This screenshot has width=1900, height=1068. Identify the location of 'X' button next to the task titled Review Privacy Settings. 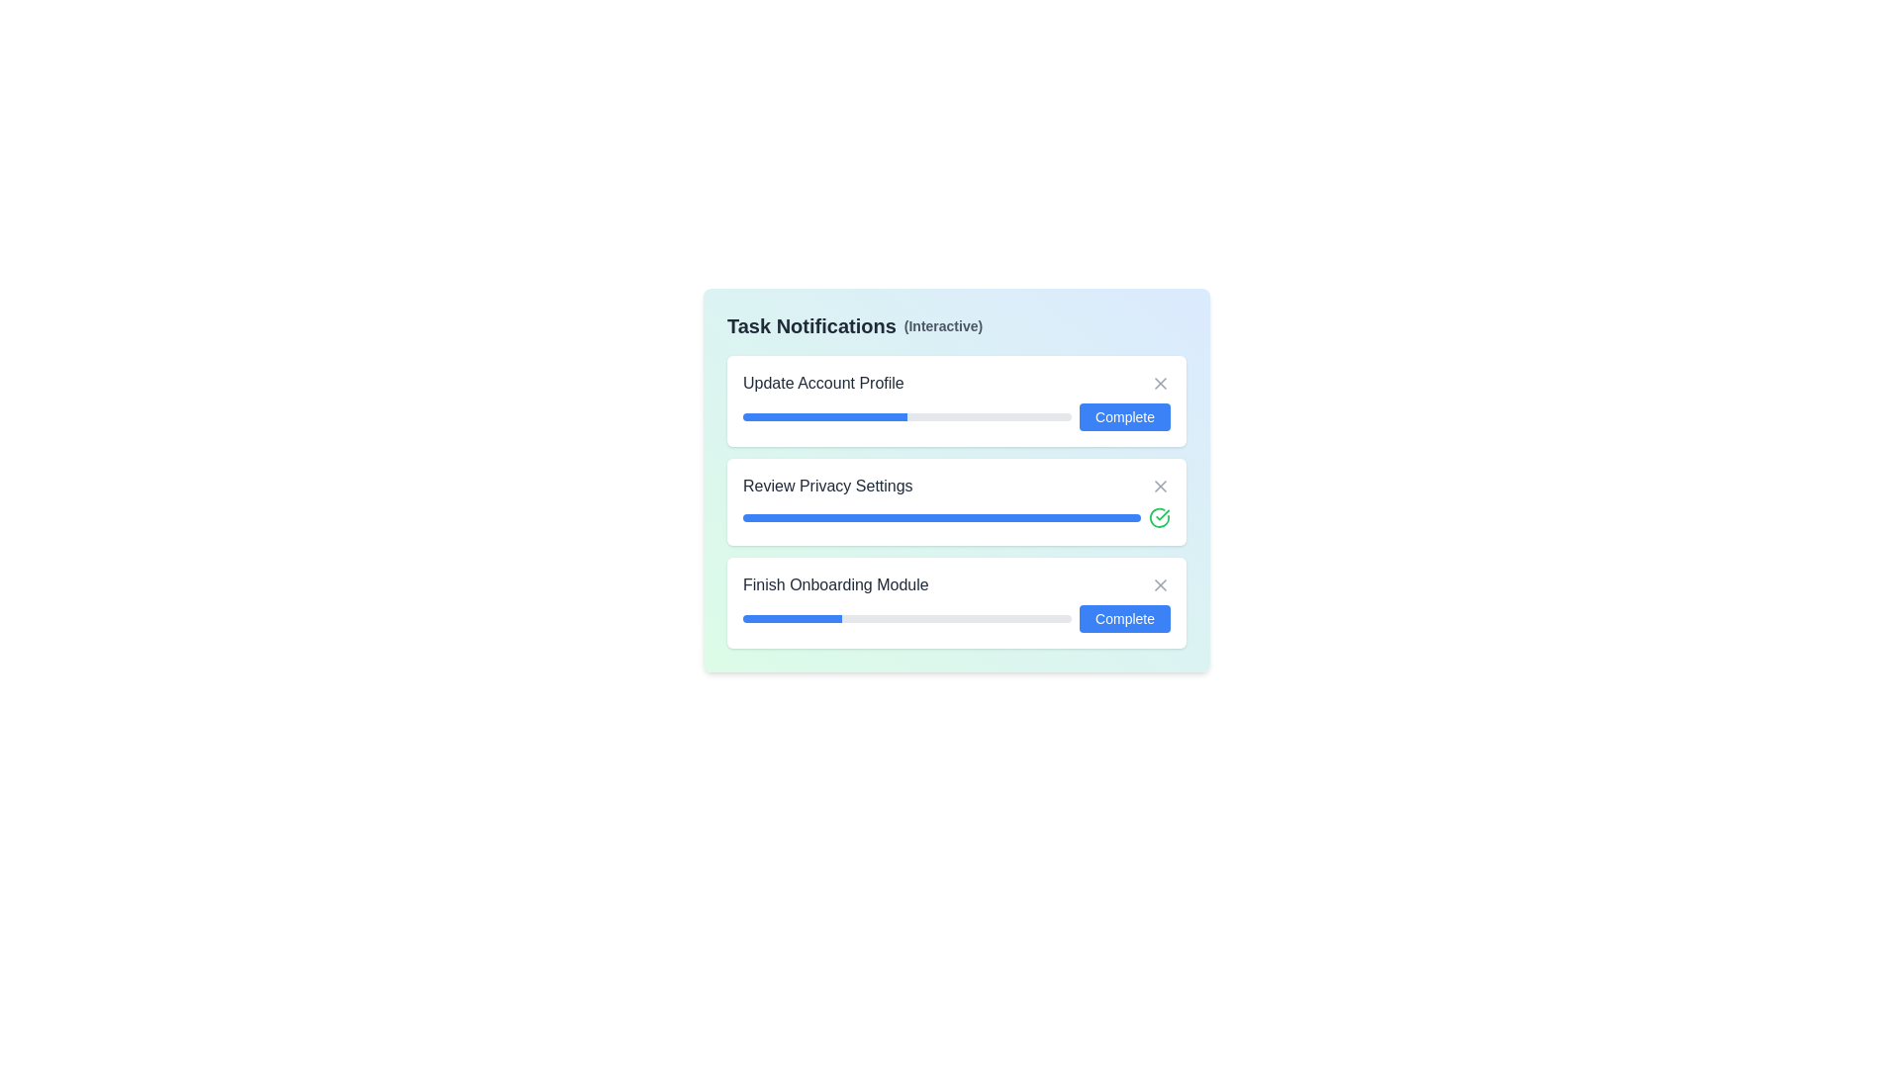
(1160, 487).